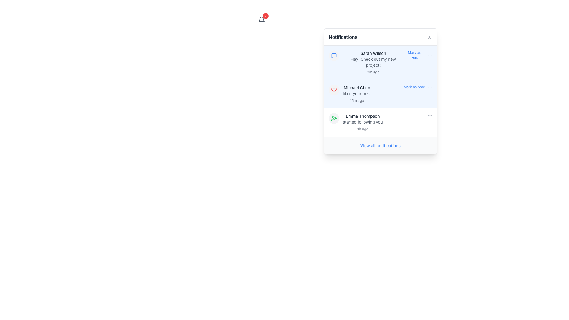  Describe the element at coordinates (380, 146) in the screenshot. I see `the link/button located at the bottom of the notifications popup` at that location.